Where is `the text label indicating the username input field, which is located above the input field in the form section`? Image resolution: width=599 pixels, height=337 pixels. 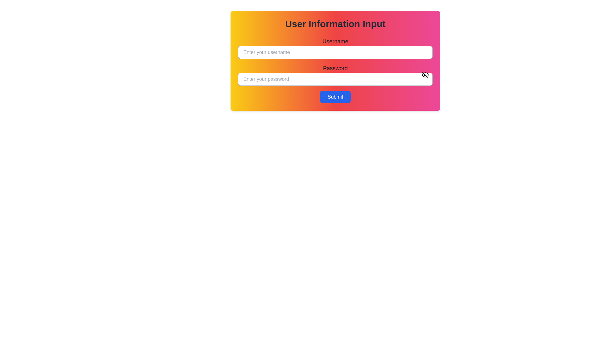
the text label indicating the username input field, which is located above the input field in the form section is located at coordinates (335, 41).